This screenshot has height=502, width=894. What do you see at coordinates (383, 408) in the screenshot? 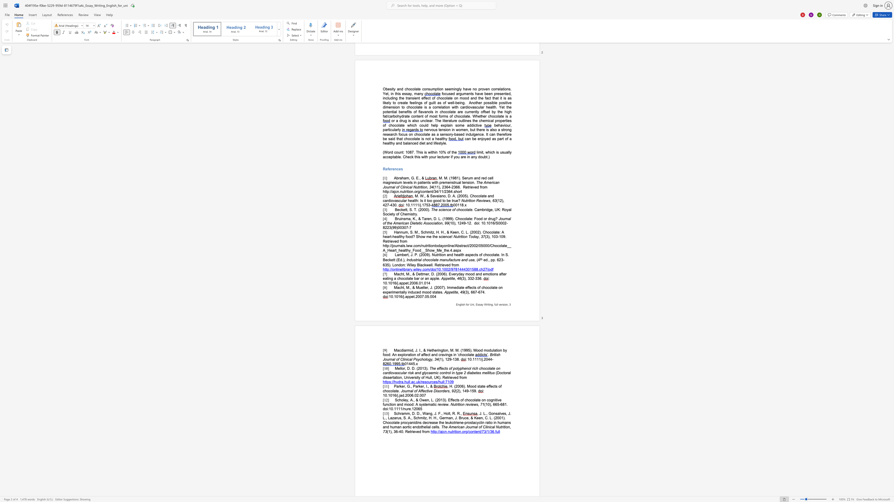
I see `the subset text "doi:" within the text "(10), 665-681. doi:10.1111/nure.12065"` at bounding box center [383, 408].